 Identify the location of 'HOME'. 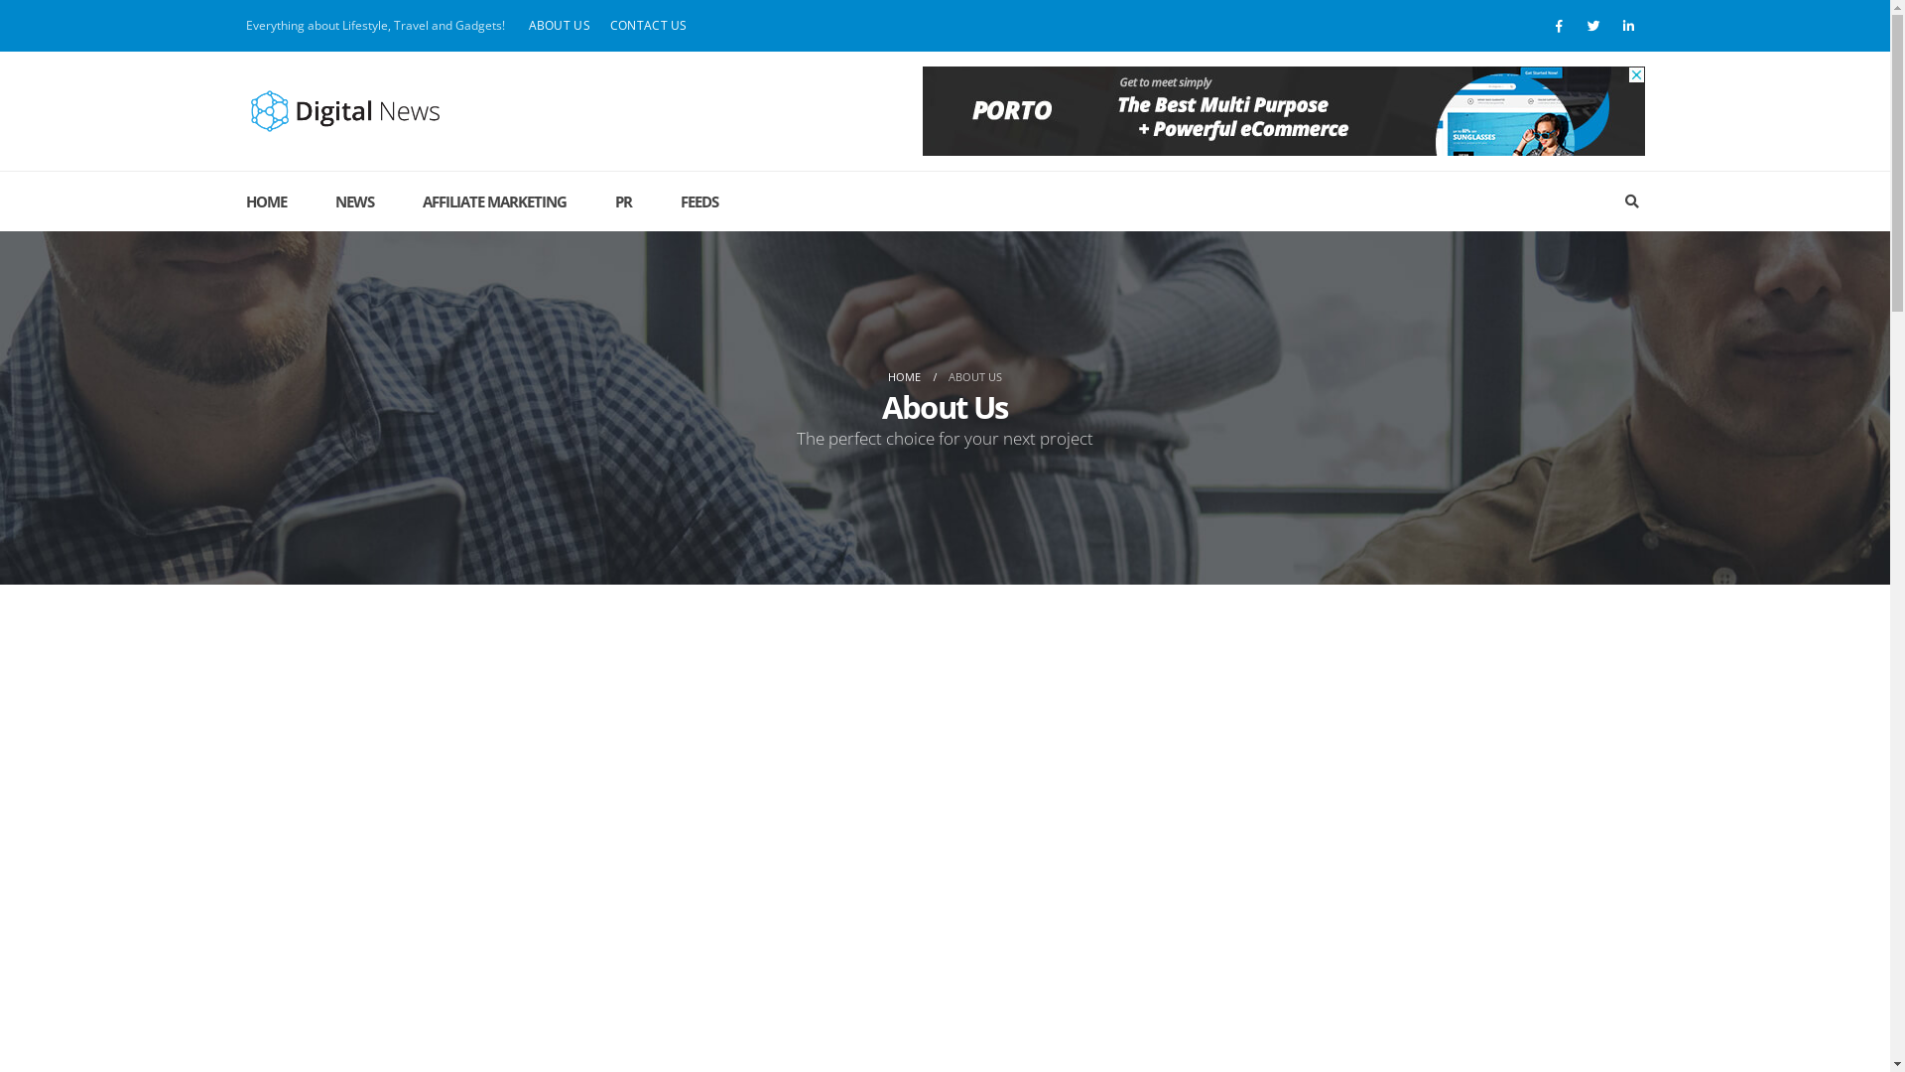
(277, 201).